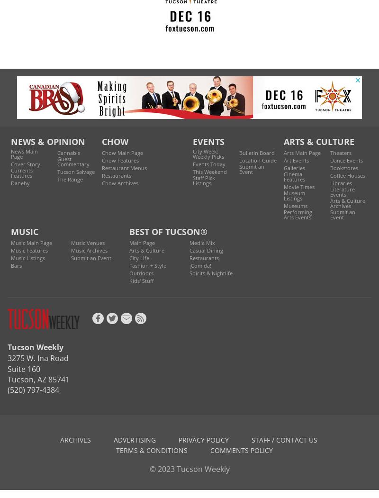  What do you see at coordinates (206, 249) in the screenshot?
I see `'Casual Dining'` at bounding box center [206, 249].